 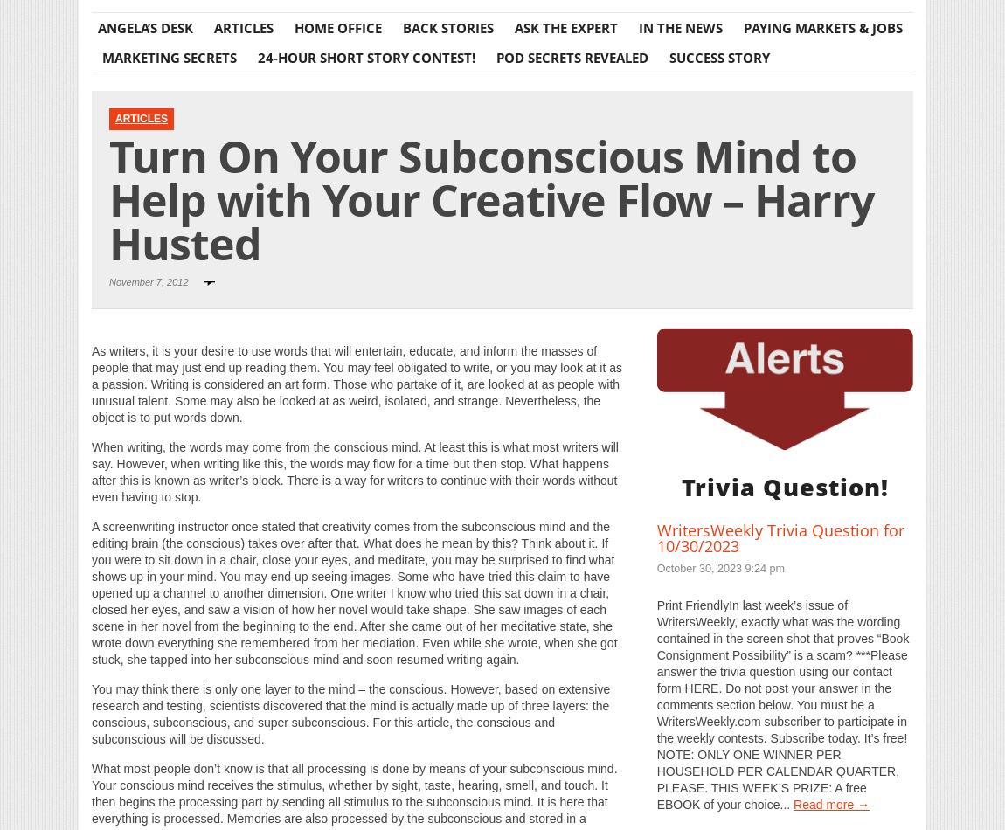 I want to click on 'Articles', so click(x=141, y=117).